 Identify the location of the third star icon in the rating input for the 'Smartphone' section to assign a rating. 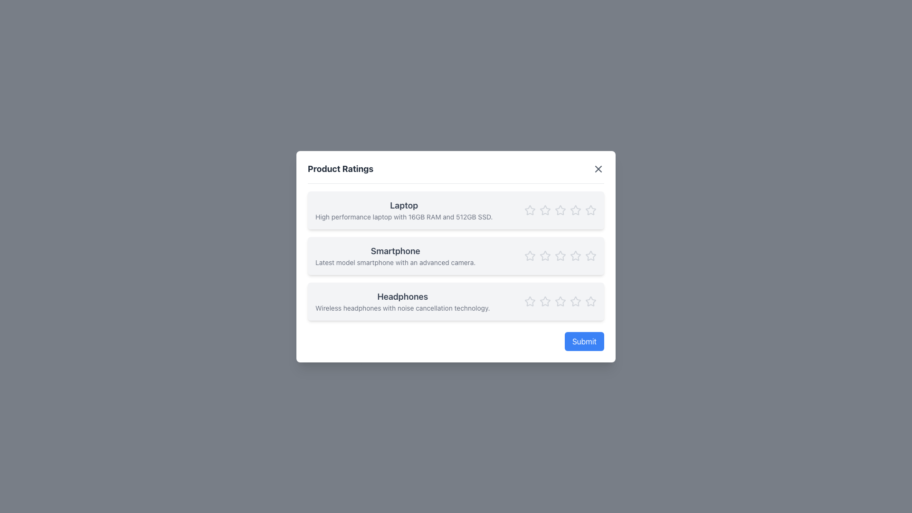
(545, 255).